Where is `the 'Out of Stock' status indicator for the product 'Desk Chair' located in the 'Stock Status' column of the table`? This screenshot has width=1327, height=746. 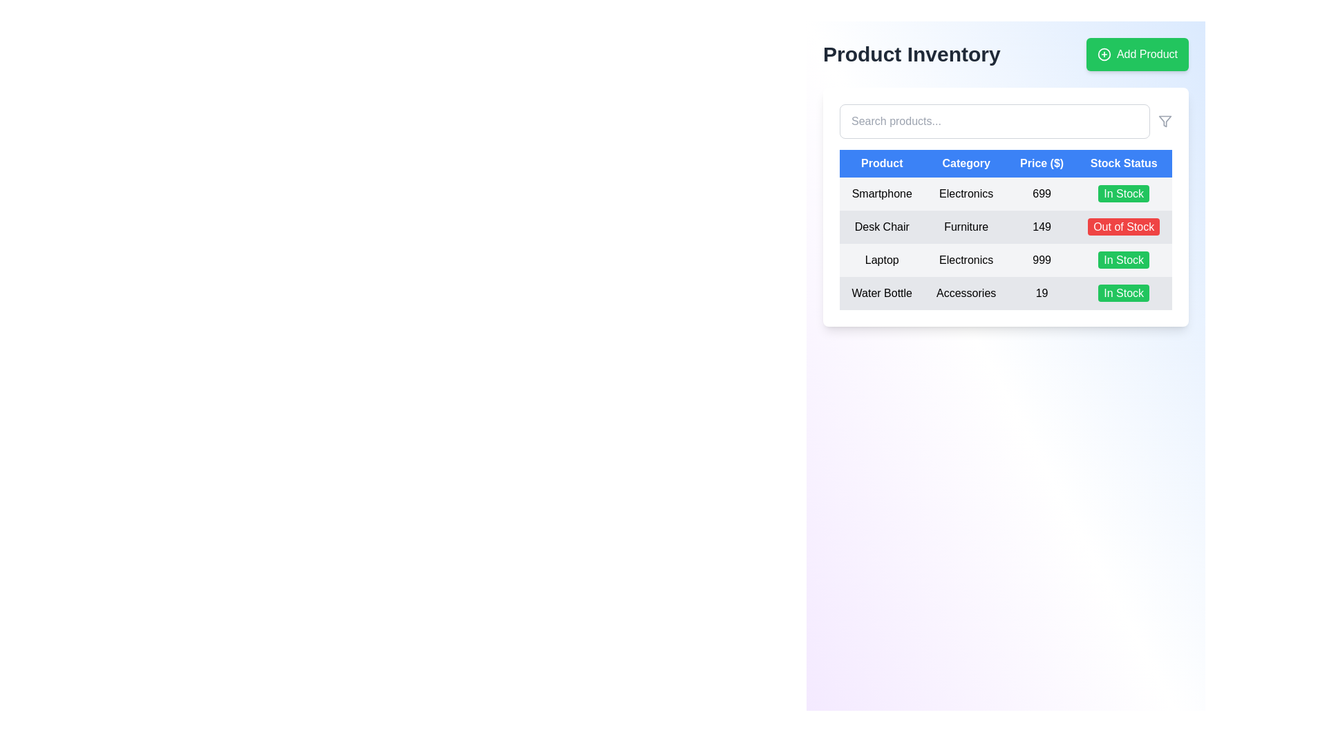
the 'Out of Stock' status indicator for the product 'Desk Chair' located in the 'Stock Status' column of the table is located at coordinates (1124, 226).